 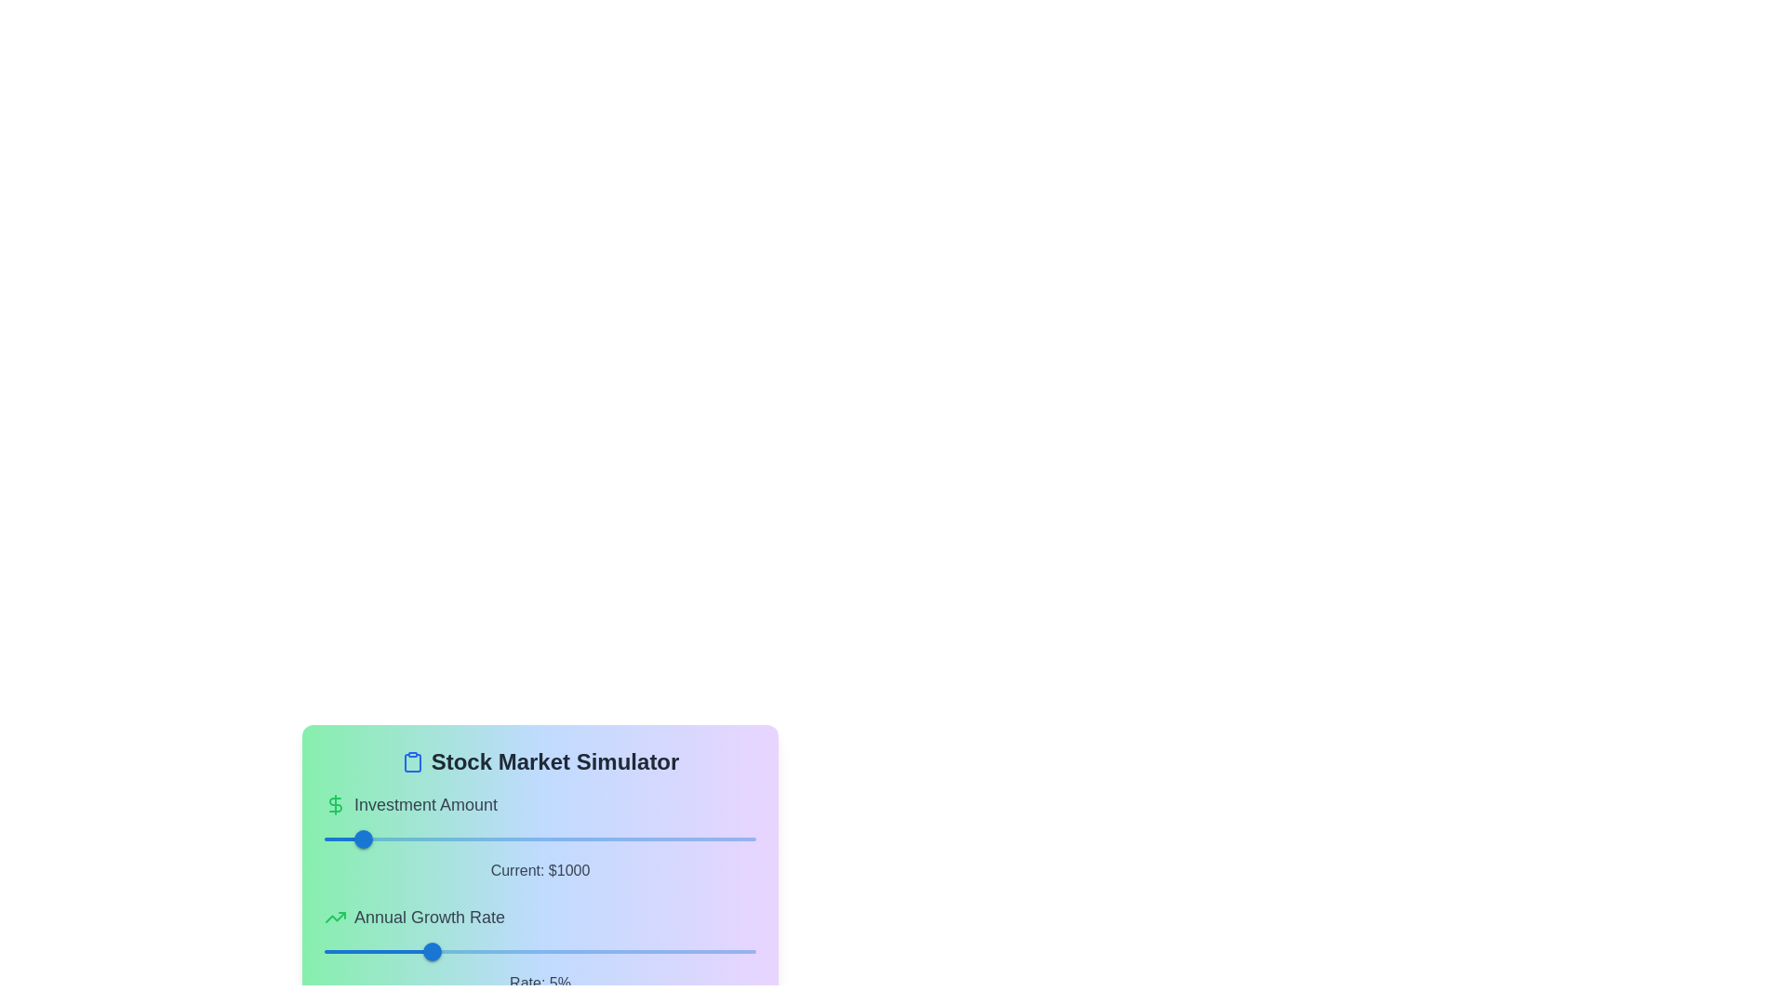 What do you see at coordinates (475, 951) in the screenshot?
I see `the annual growth rate` at bounding box center [475, 951].